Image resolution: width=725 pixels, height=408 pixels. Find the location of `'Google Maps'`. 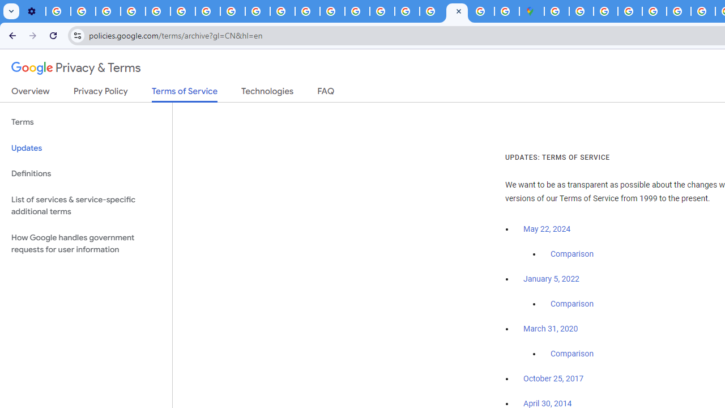

'Google Maps' is located at coordinates (531, 11).